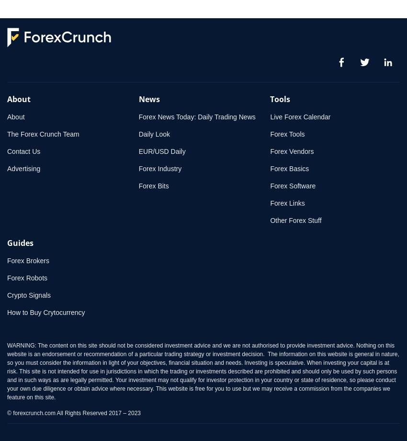 Image resolution: width=407 pixels, height=441 pixels. Describe the element at coordinates (29, 295) in the screenshot. I see `'Crypto Signals'` at that location.